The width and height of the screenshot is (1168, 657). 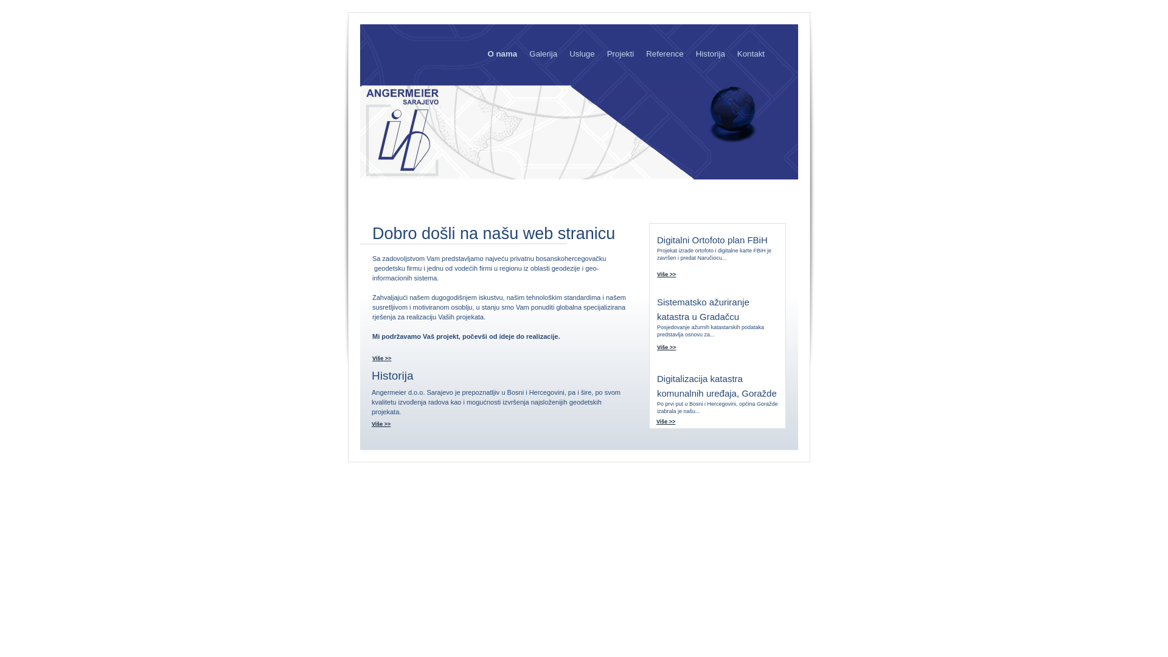 What do you see at coordinates (607, 53) in the screenshot?
I see `'Projekti'` at bounding box center [607, 53].